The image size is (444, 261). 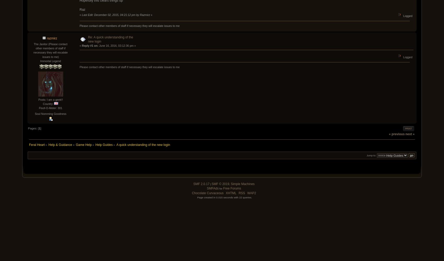 I want to click on ',', so click(x=229, y=184).